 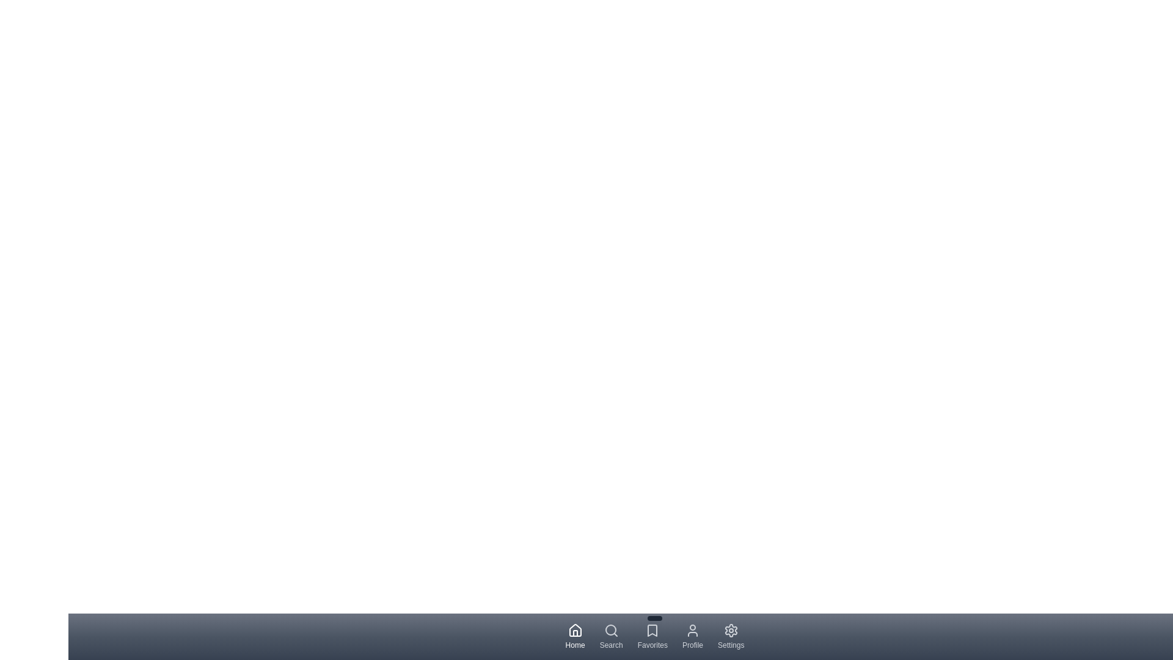 What do you see at coordinates (731, 636) in the screenshot?
I see `the navigation tab labeled Settings to display its tooltip` at bounding box center [731, 636].